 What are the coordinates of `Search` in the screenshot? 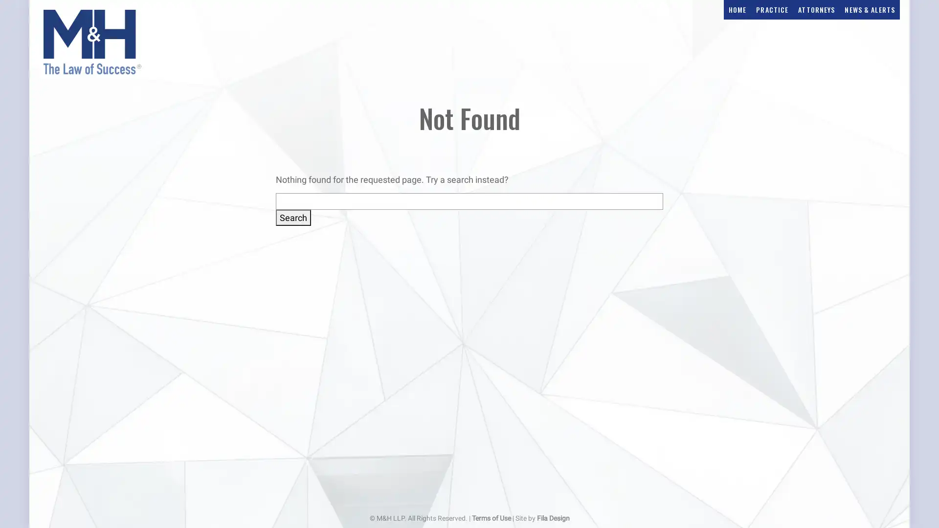 It's located at (293, 217).